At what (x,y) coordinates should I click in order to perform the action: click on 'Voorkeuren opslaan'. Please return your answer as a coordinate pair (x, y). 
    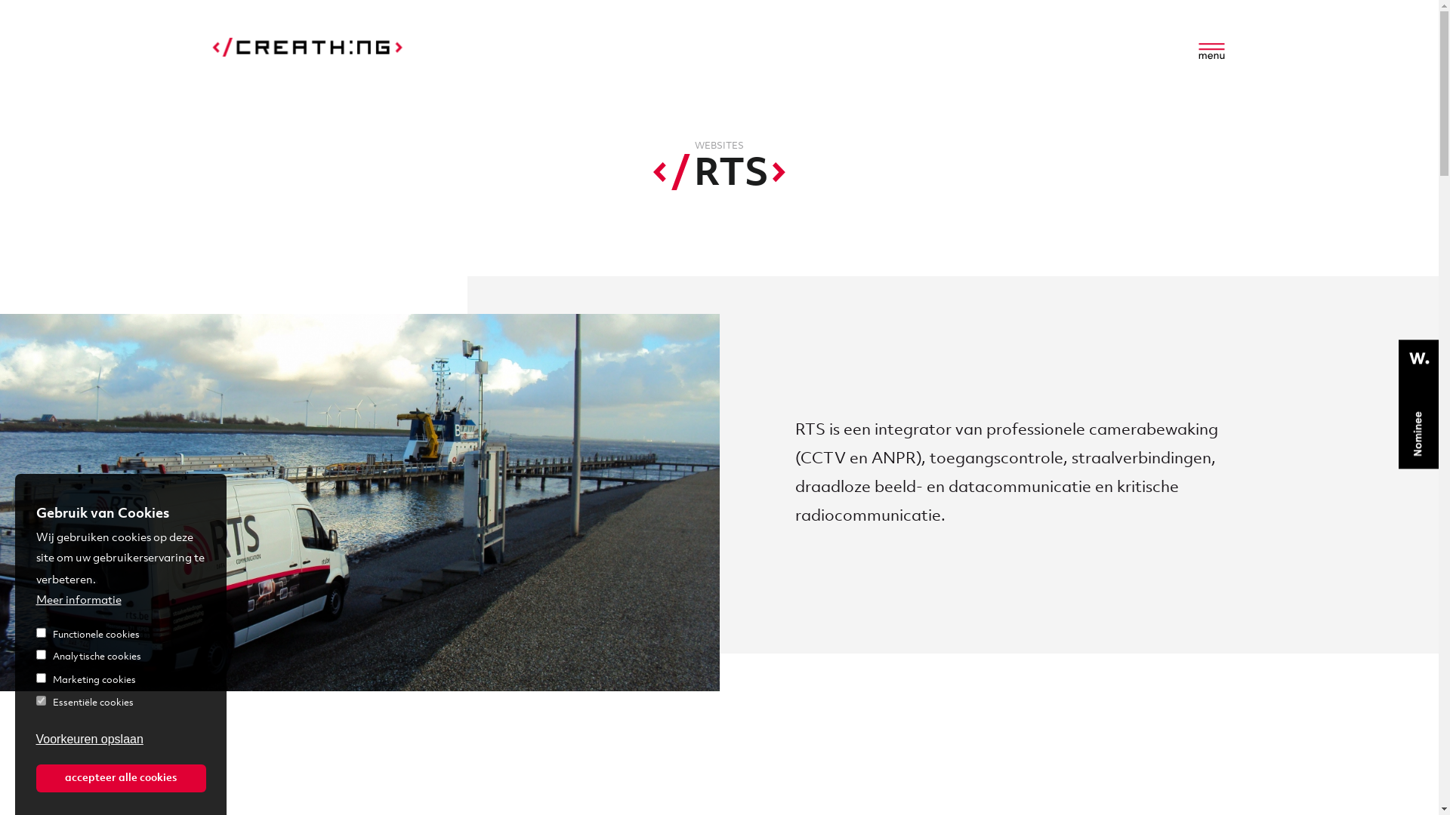
    Looking at the image, I should click on (89, 739).